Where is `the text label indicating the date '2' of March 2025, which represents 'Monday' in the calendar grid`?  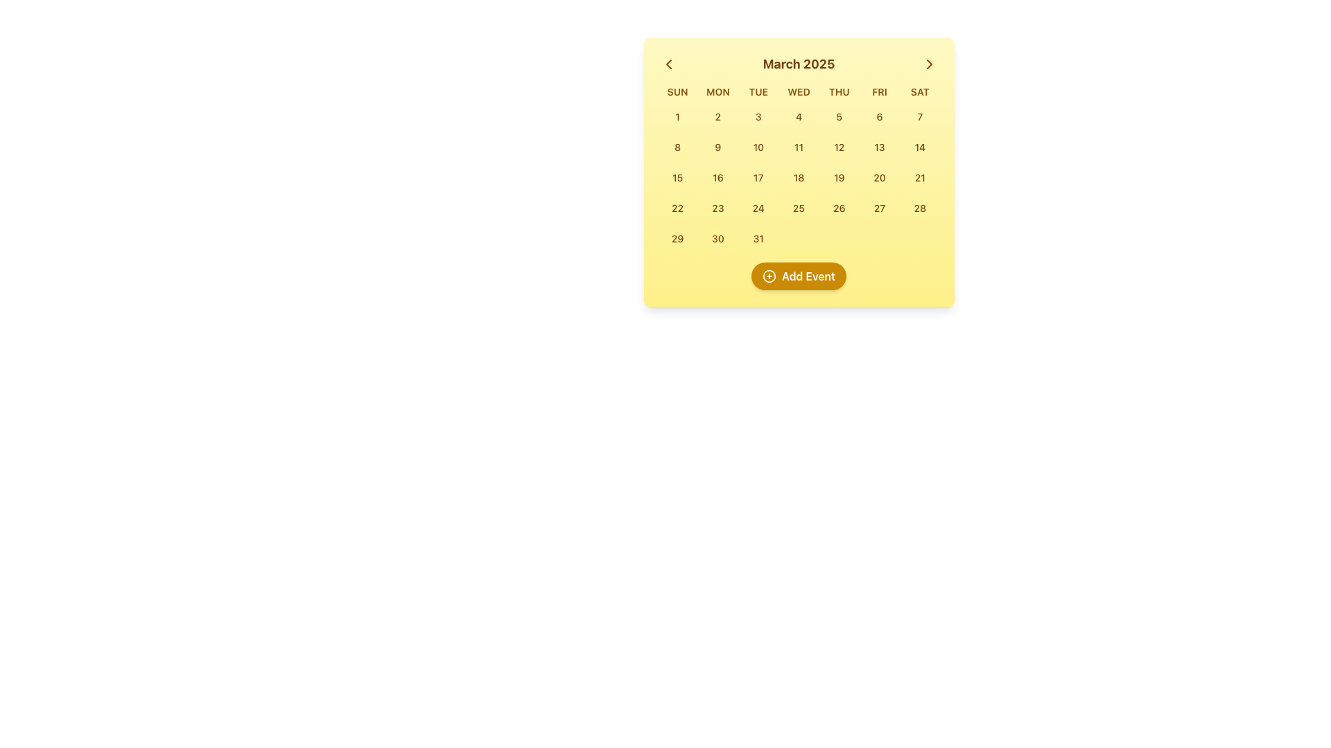
the text label indicating the date '2' of March 2025, which represents 'Monday' in the calendar grid is located at coordinates (717, 116).